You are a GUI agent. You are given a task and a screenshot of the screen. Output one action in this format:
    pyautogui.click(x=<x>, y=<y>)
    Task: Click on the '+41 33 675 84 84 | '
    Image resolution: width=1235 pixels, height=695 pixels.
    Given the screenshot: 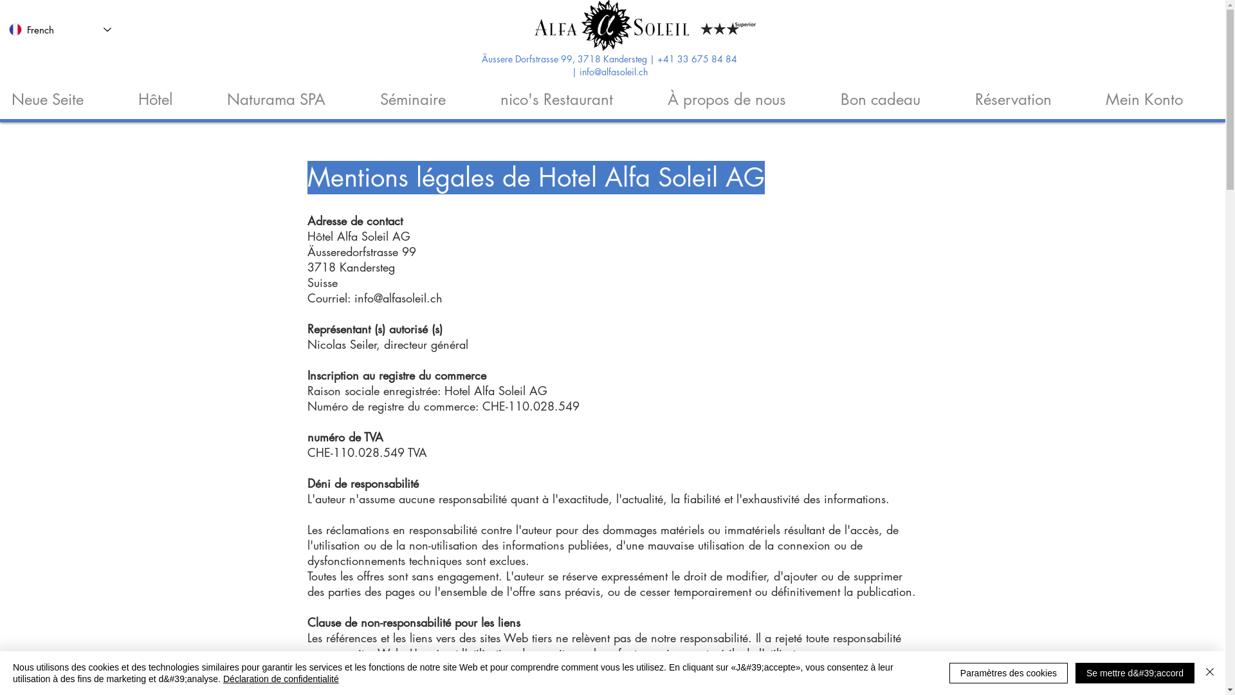 What is the action you would take?
    pyautogui.click(x=654, y=66)
    